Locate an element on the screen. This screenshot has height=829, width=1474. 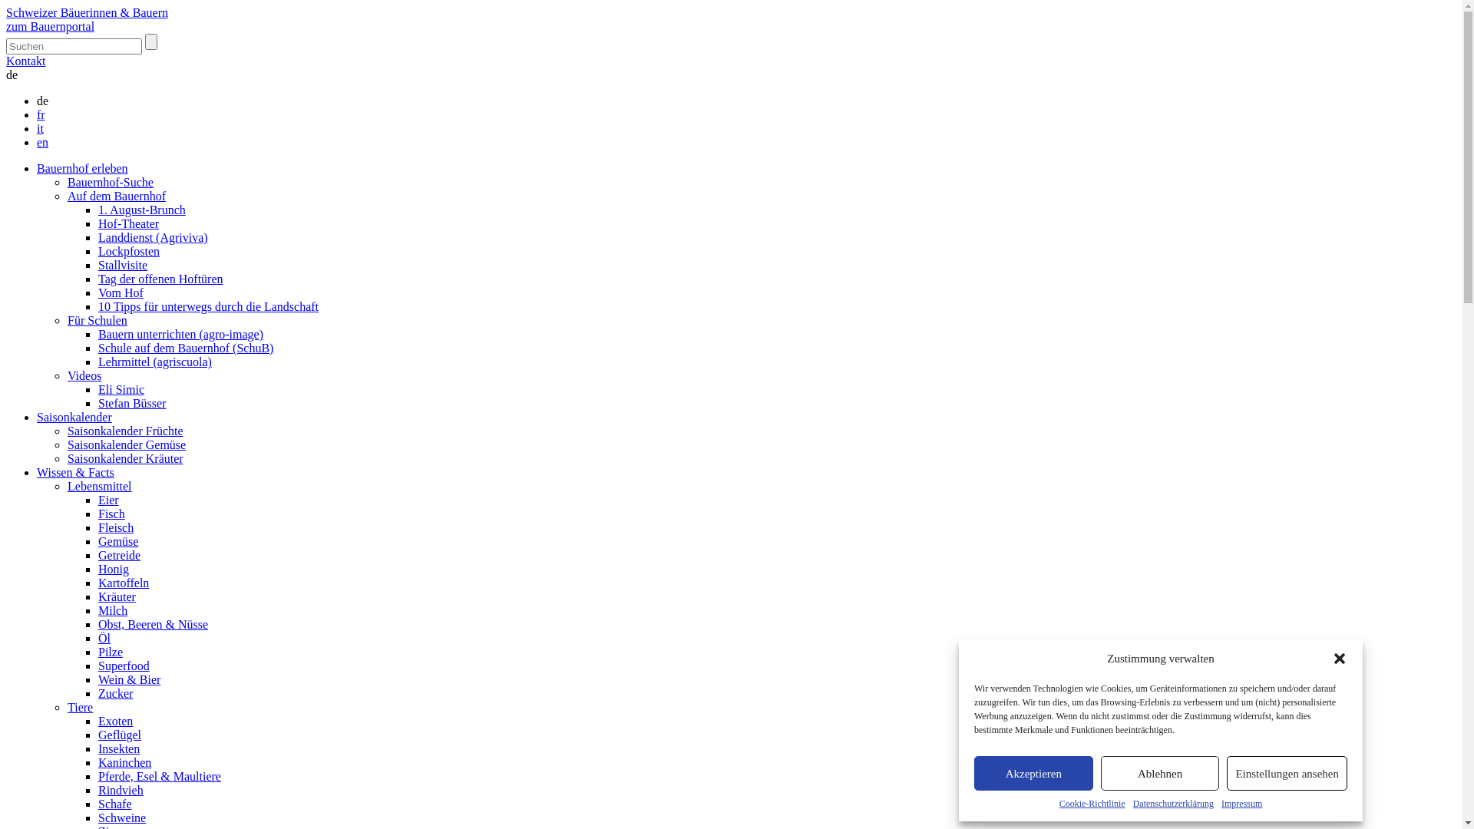
'Exoten' is located at coordinates (114, 721).